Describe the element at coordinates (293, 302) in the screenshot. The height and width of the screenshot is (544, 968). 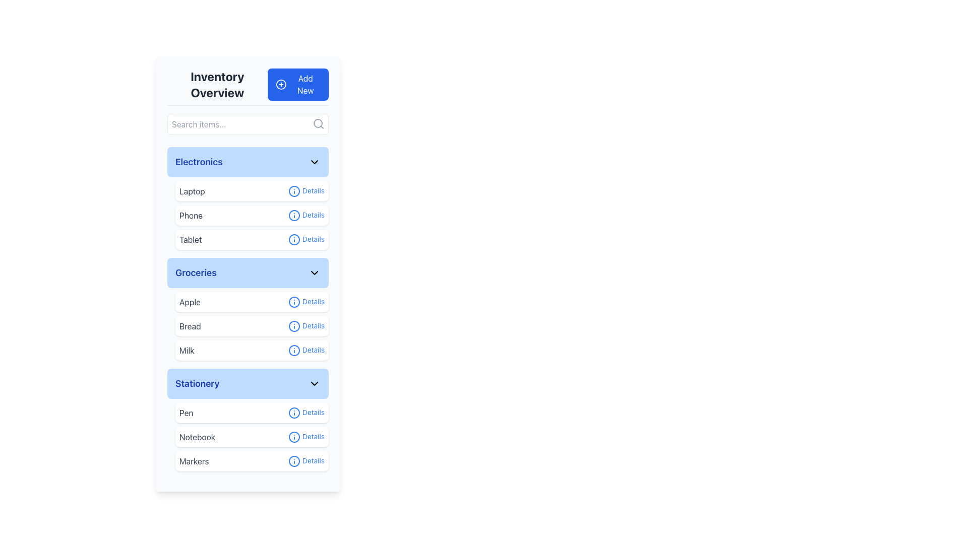
I see `the icon associated with the word 'Details' in the 'Groceries' section` at that location.